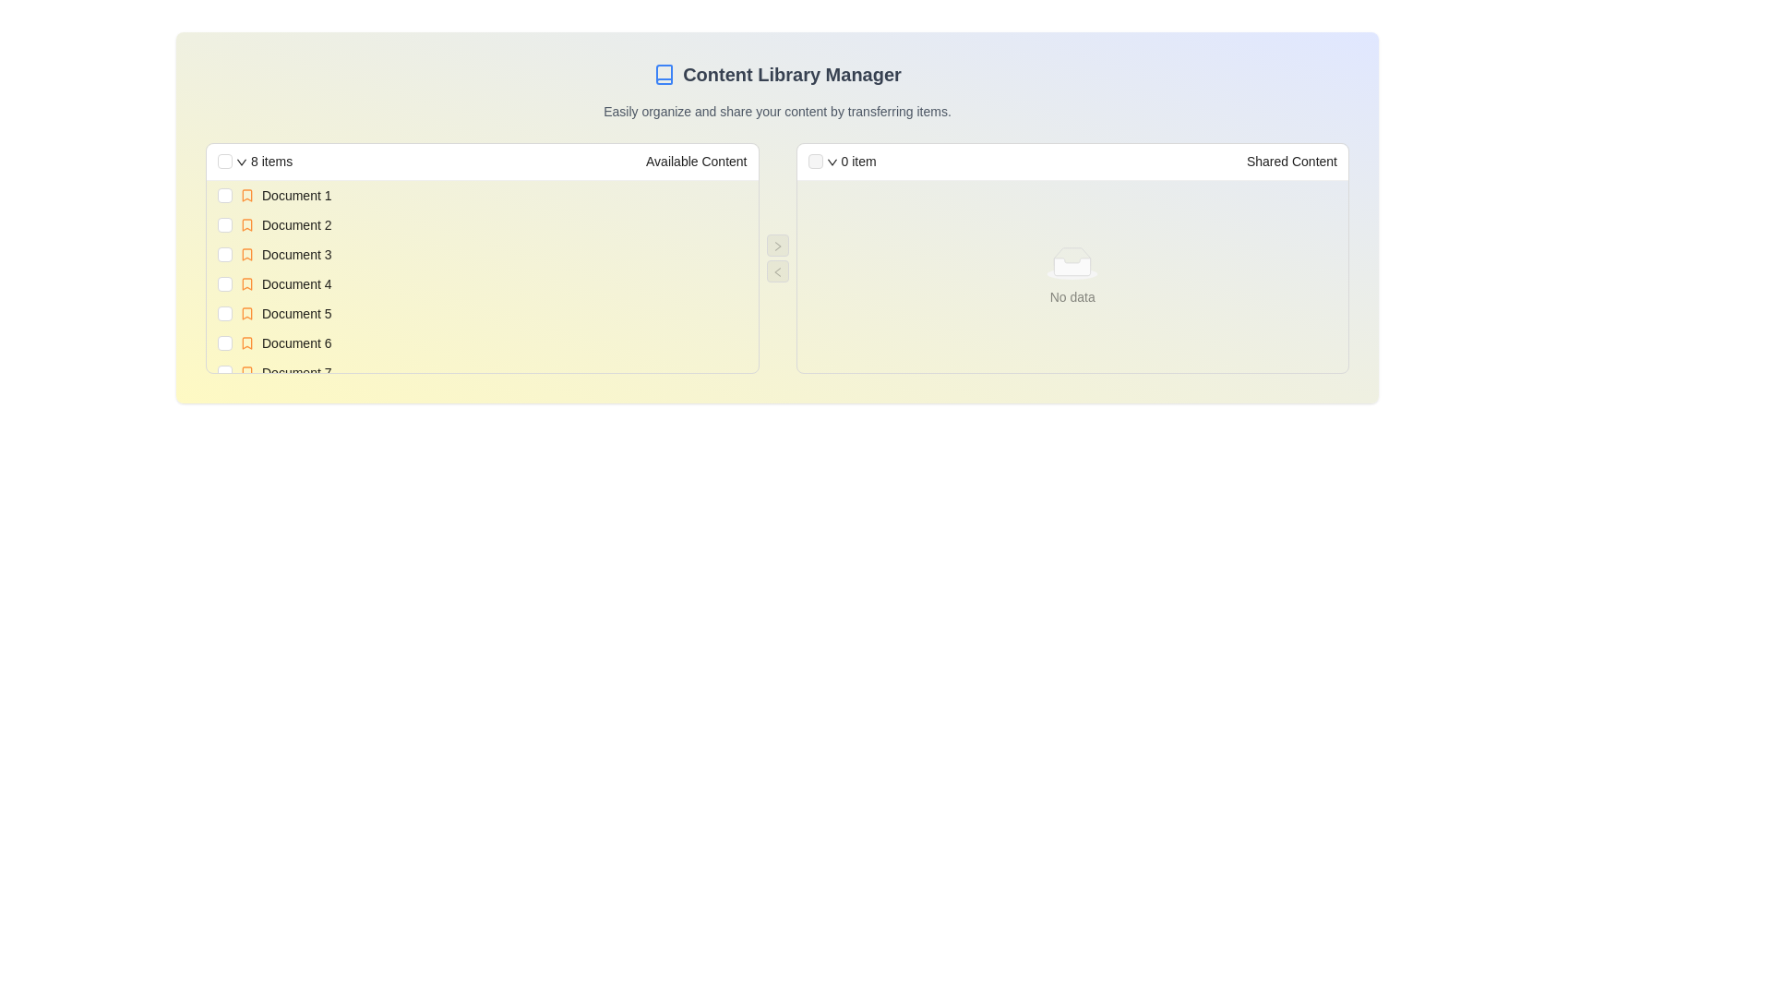  I want to click on the static icon representing the Content Library Manager feature located near the top-center of the interface, so click(664, 74).